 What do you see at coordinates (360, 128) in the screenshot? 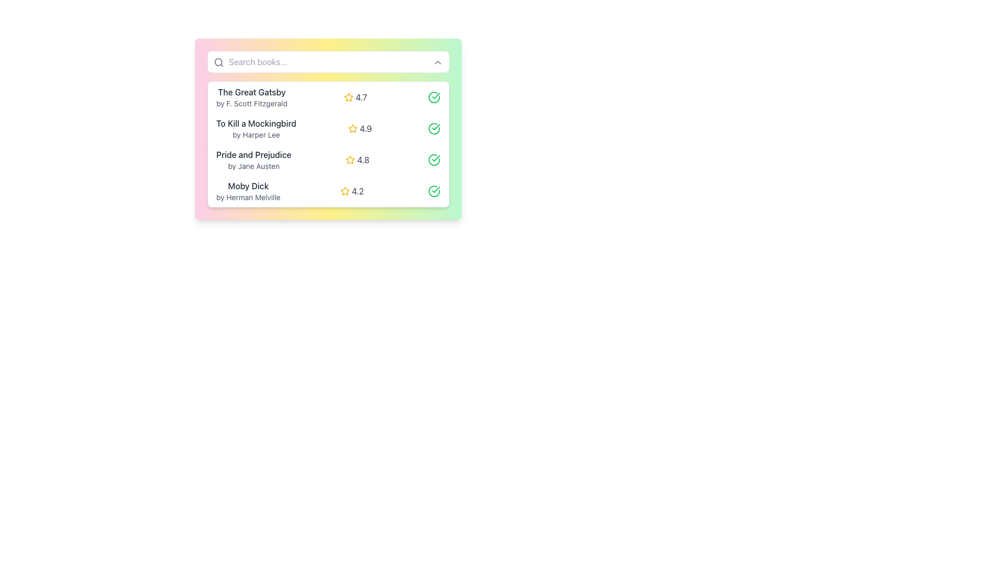
I see `the rating display component showing a score of 4.9 for 'To Kill a Mockingbird'` at bounding box center [360, 128].